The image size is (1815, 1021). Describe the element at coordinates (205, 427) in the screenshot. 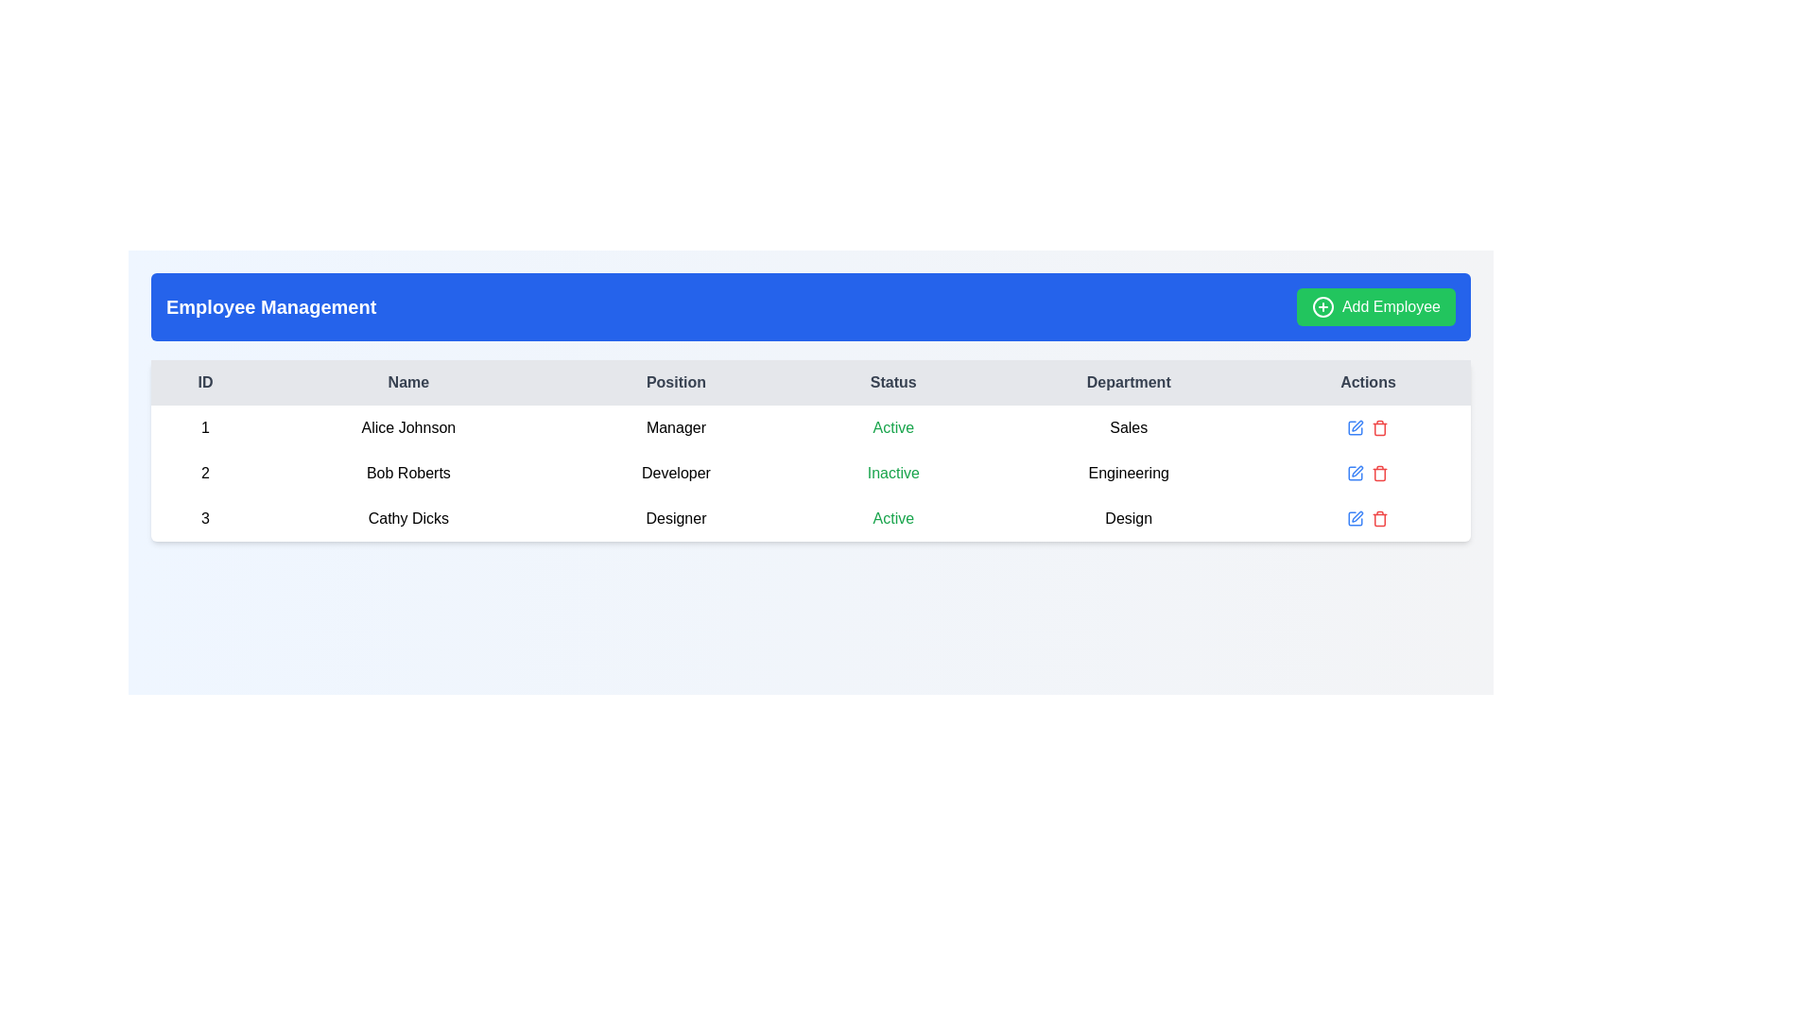

I see `value '1' displayed in bold font within the table cell located in the first column of the row corresponding to 'Alice Johnson'` at that location.